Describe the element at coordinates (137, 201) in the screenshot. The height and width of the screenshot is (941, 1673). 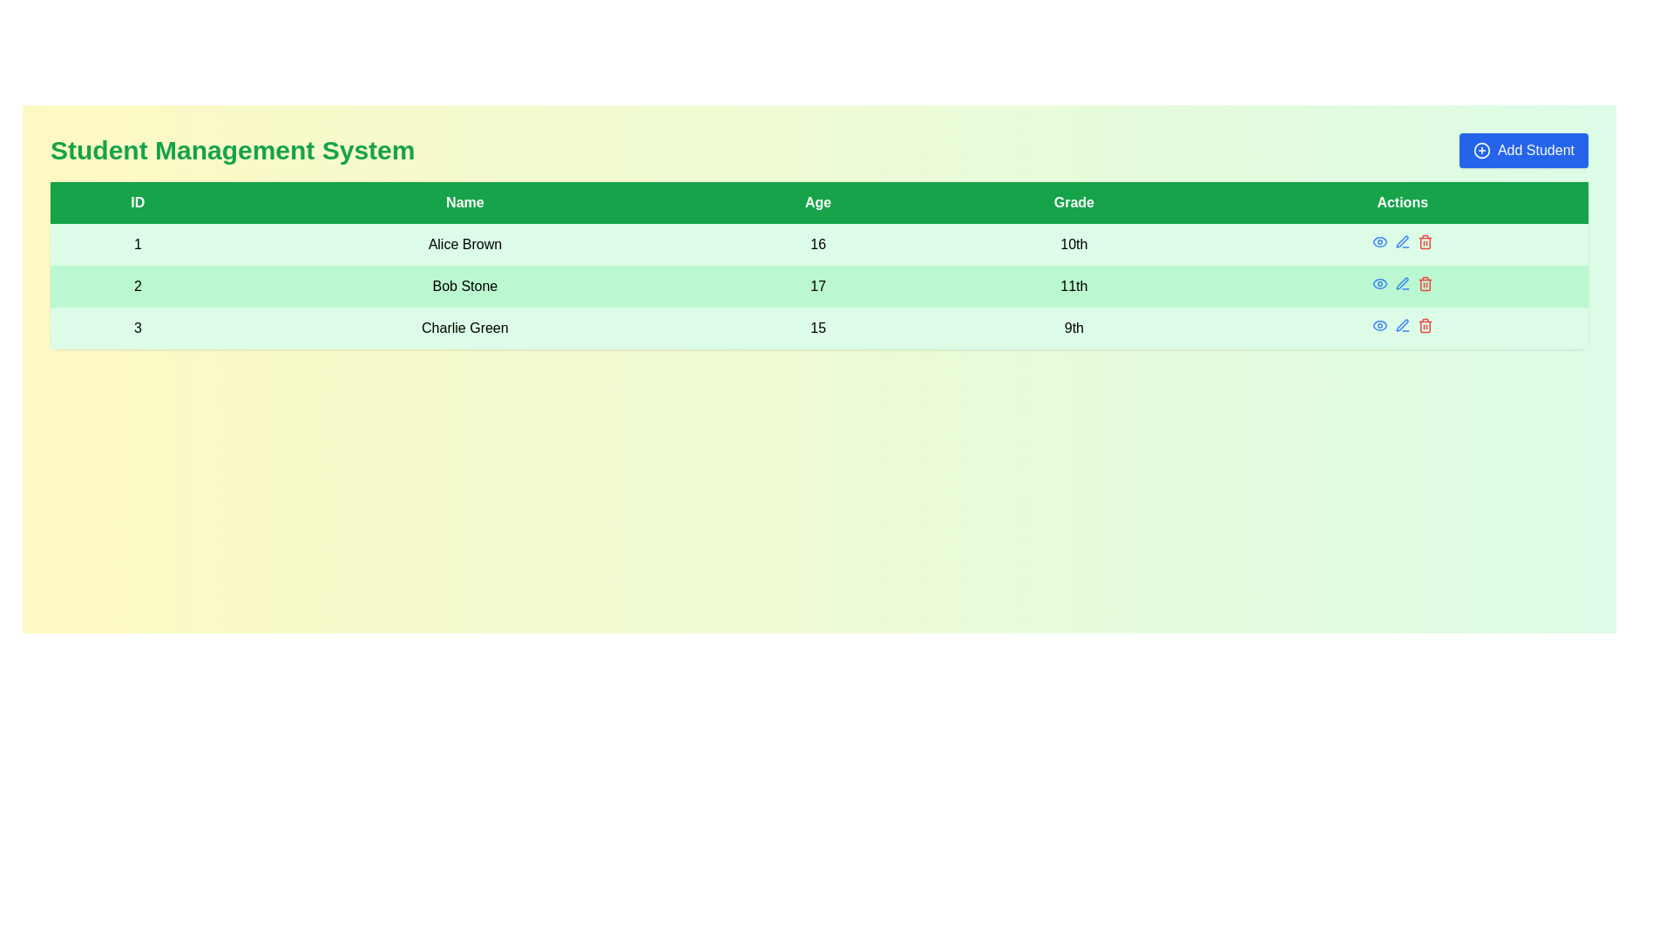
I see `the ID column header cell in the table, which is the first header among its siblings, indicating that it corresponds to unique identifiers for each entry` at that location.